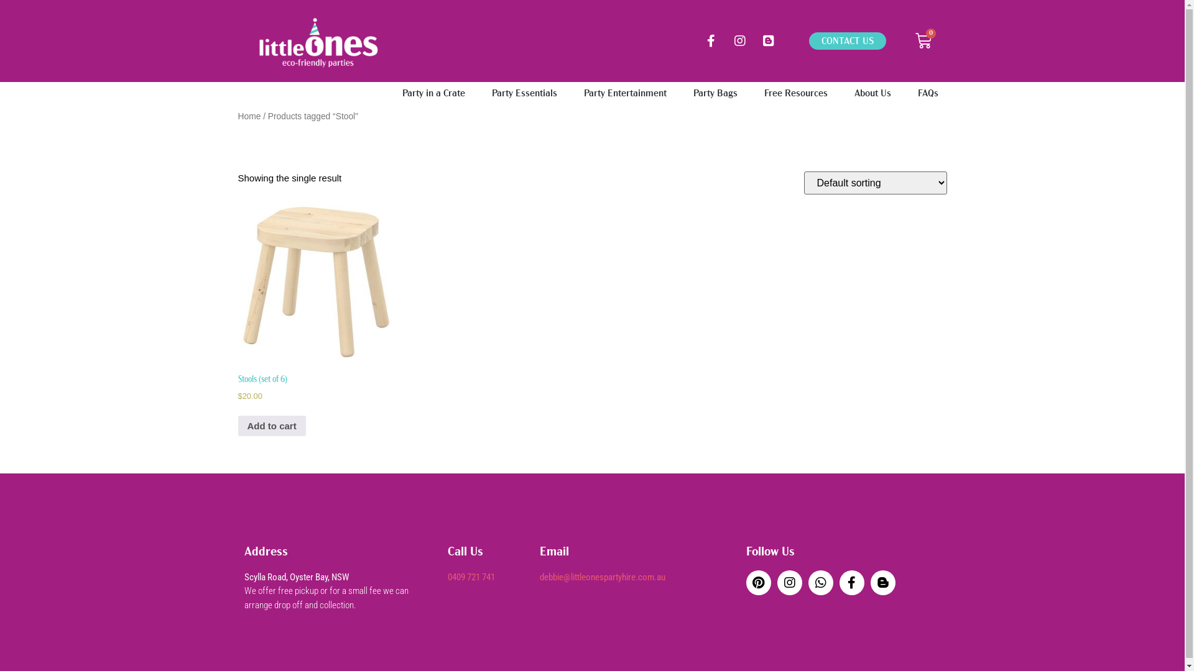  What do you see at coordinates (271, 426) in the screenshot?
I see `'Add to cart'` at bounding box center [271, 426].